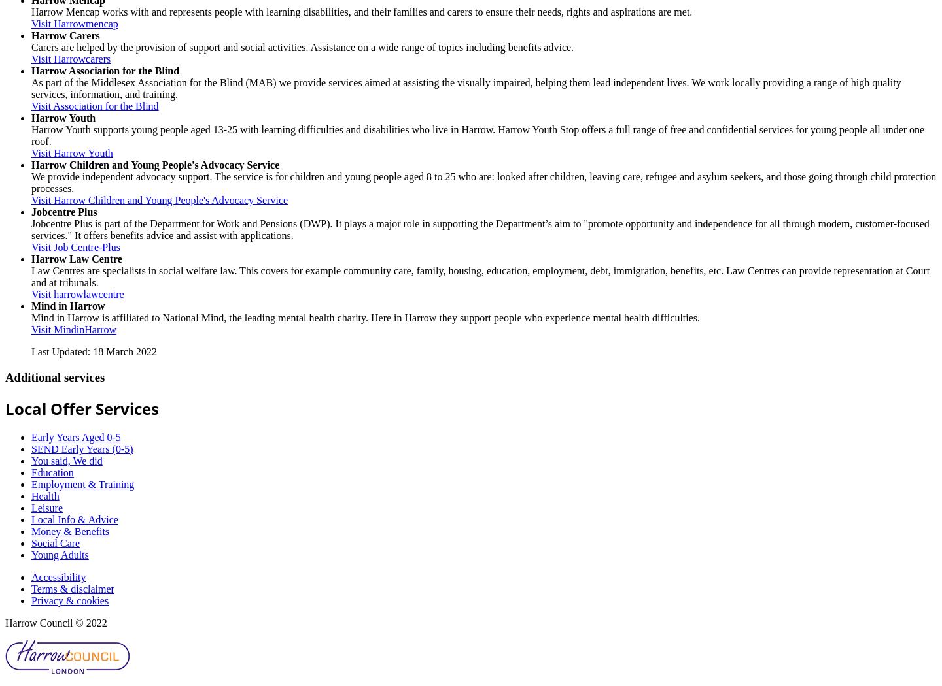 The image size is (942, 686). What do you see at coordinates (52, 472) in the screenshot?
I see `'Education'` at bounding box center [52, 472].